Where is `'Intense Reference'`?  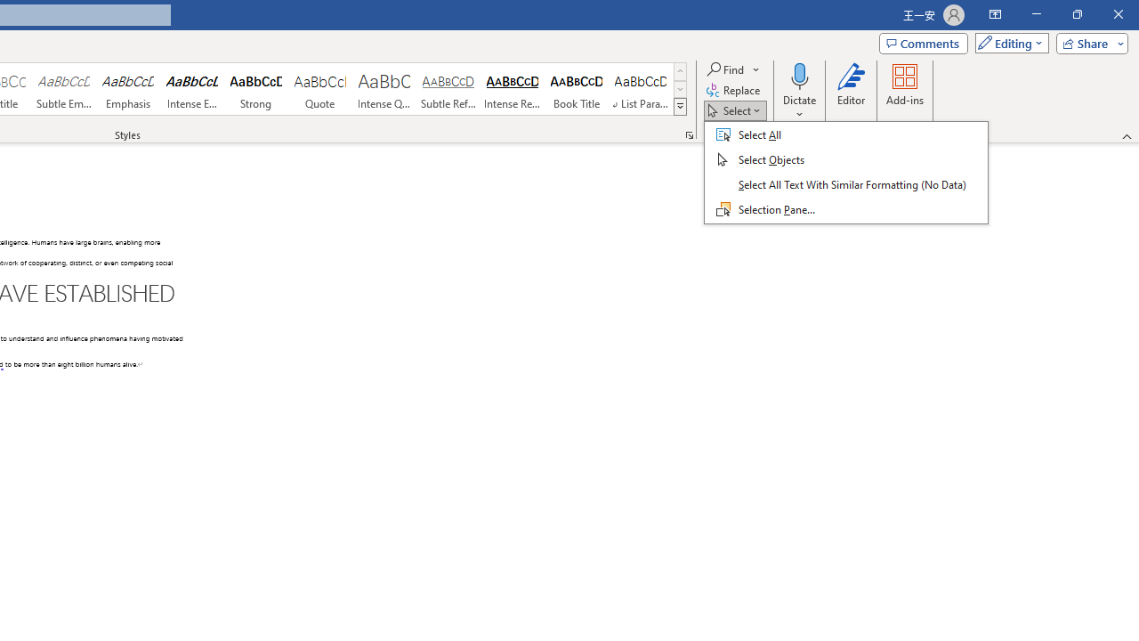 'Intense Reference' is located at coordinates (512, 89).